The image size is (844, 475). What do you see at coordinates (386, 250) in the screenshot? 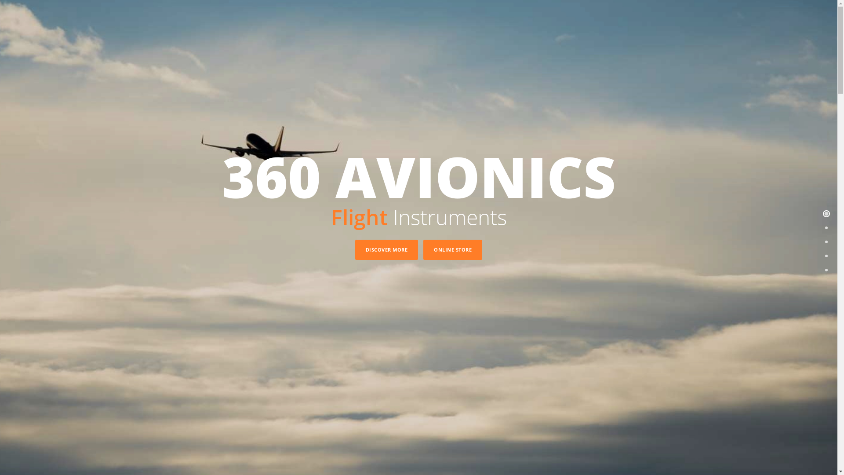
I see `'DISCOVER MORE'` at bounding box center [386, 250].